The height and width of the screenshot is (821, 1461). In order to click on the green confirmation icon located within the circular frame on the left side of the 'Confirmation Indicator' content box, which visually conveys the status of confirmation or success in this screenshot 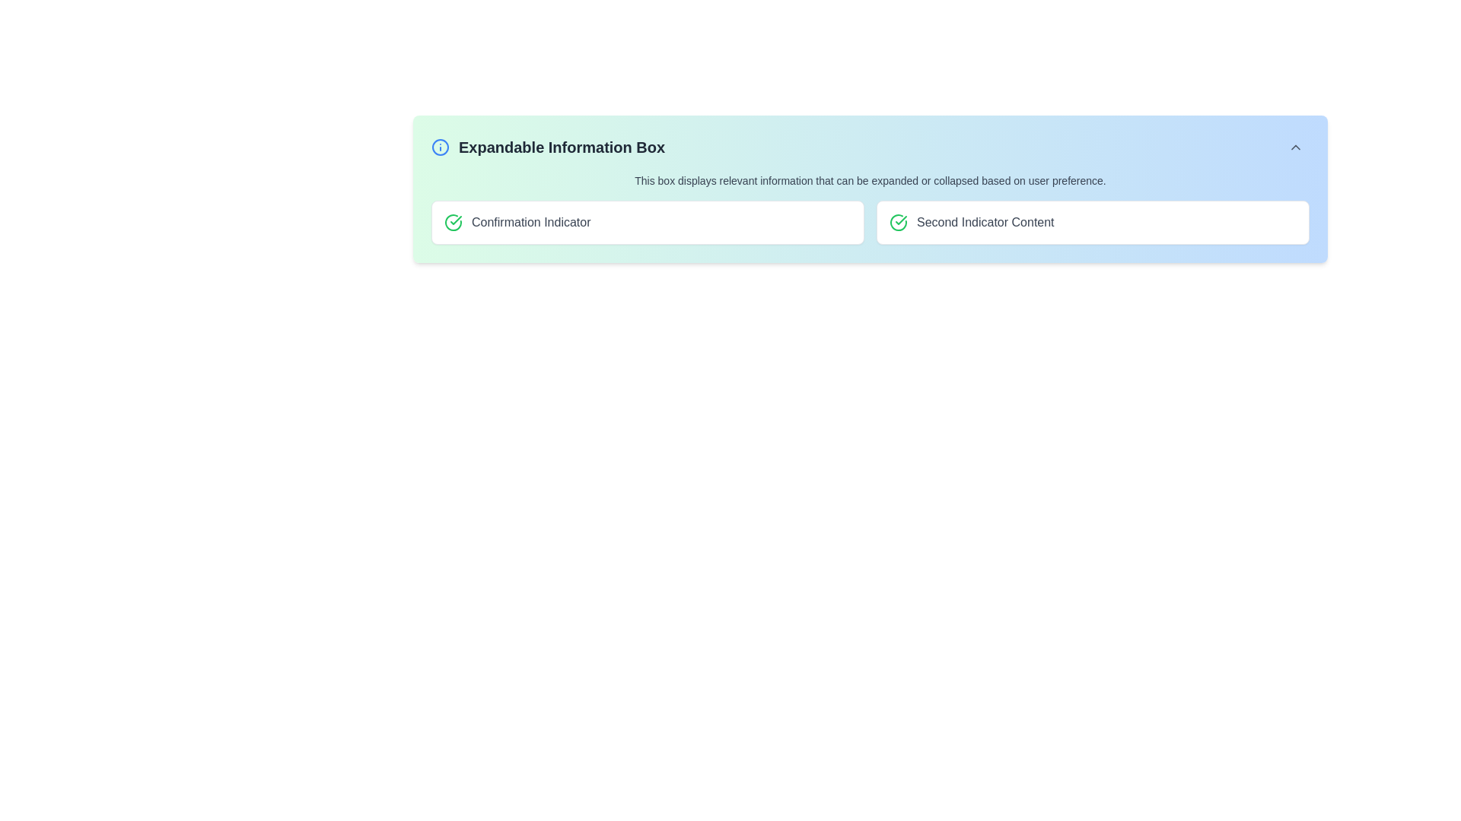, I will do `click(901, 220)`.